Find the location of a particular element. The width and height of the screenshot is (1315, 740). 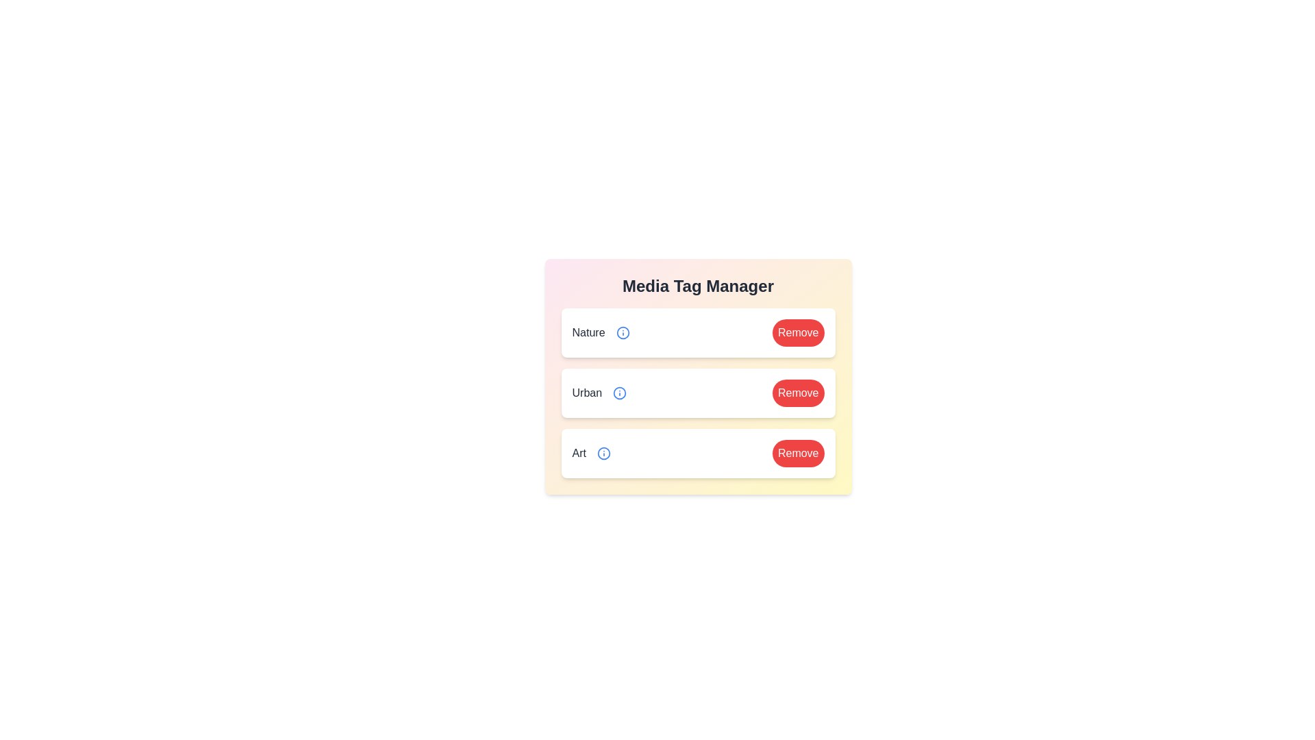

the info icon for the tag Art is located at coordinates (603, 454).